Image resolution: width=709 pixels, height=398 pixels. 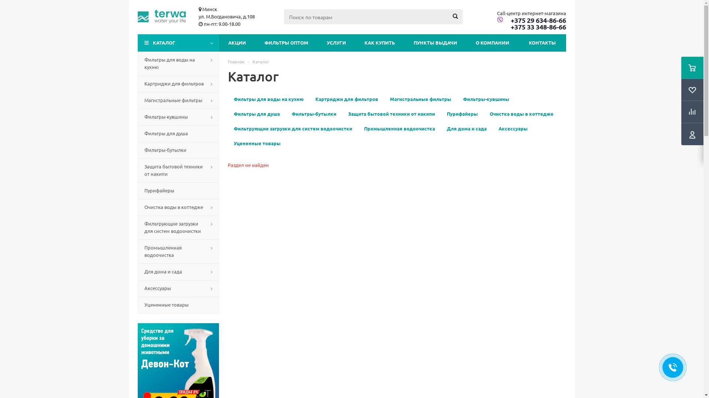 I want to click on '+375 33 348-86-66', so click(x=531, y=27).